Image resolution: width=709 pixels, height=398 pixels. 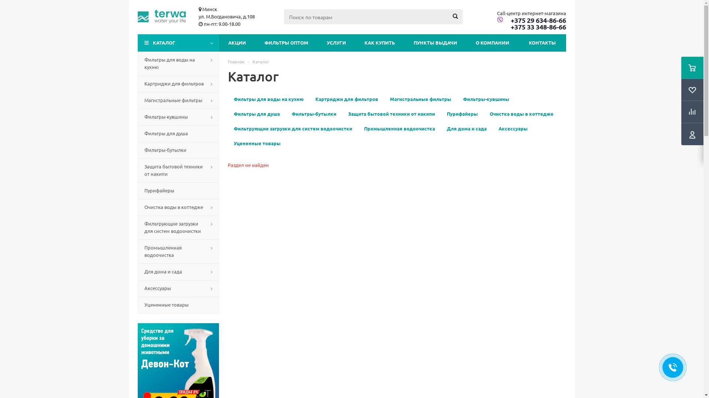 I want to click on '+375 33 348-86-66', so click(x=531, y=27).